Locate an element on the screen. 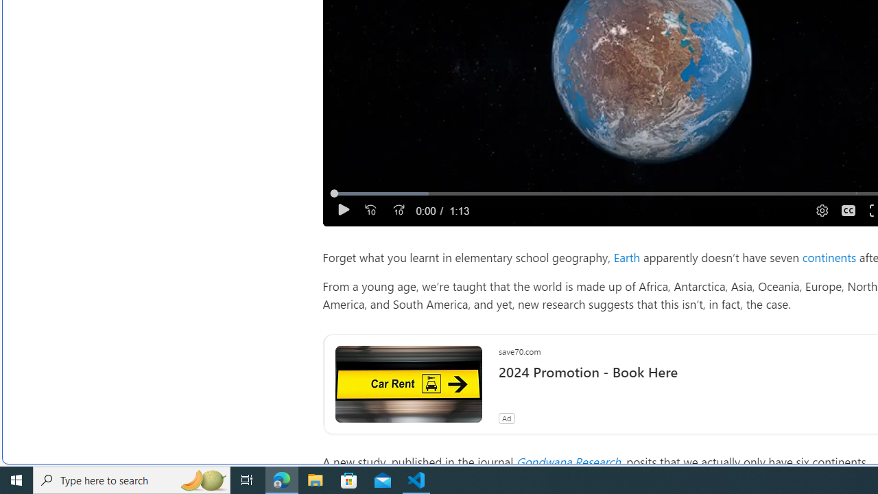 The width and height of the screenshot is (878, 494). 'Gondwana Research' is located at coordinates (568, 461).